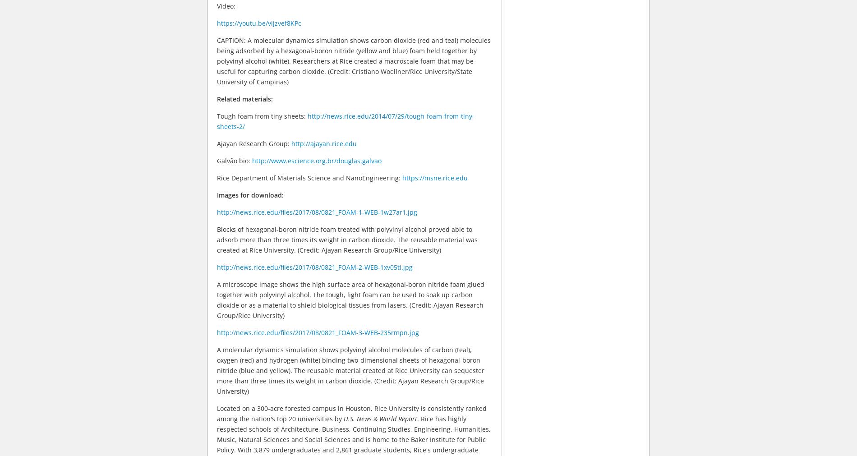 This screenshot has width=857, height=456. I want to click on 'CAPTION: A molecular dynamics simulation shows carbon dioxide (red and teal) molecules being adsorbed by a hexagonal-boron nitride (yellow and blue) foam held together by polyvinyl alcohol (white). Researchers at Rice created a macroscale foam that may be useful for capturing carbon dioxide. (Credit: Cristiano Woellner/Rice University/State University of Campinas)', so click(353, 60).